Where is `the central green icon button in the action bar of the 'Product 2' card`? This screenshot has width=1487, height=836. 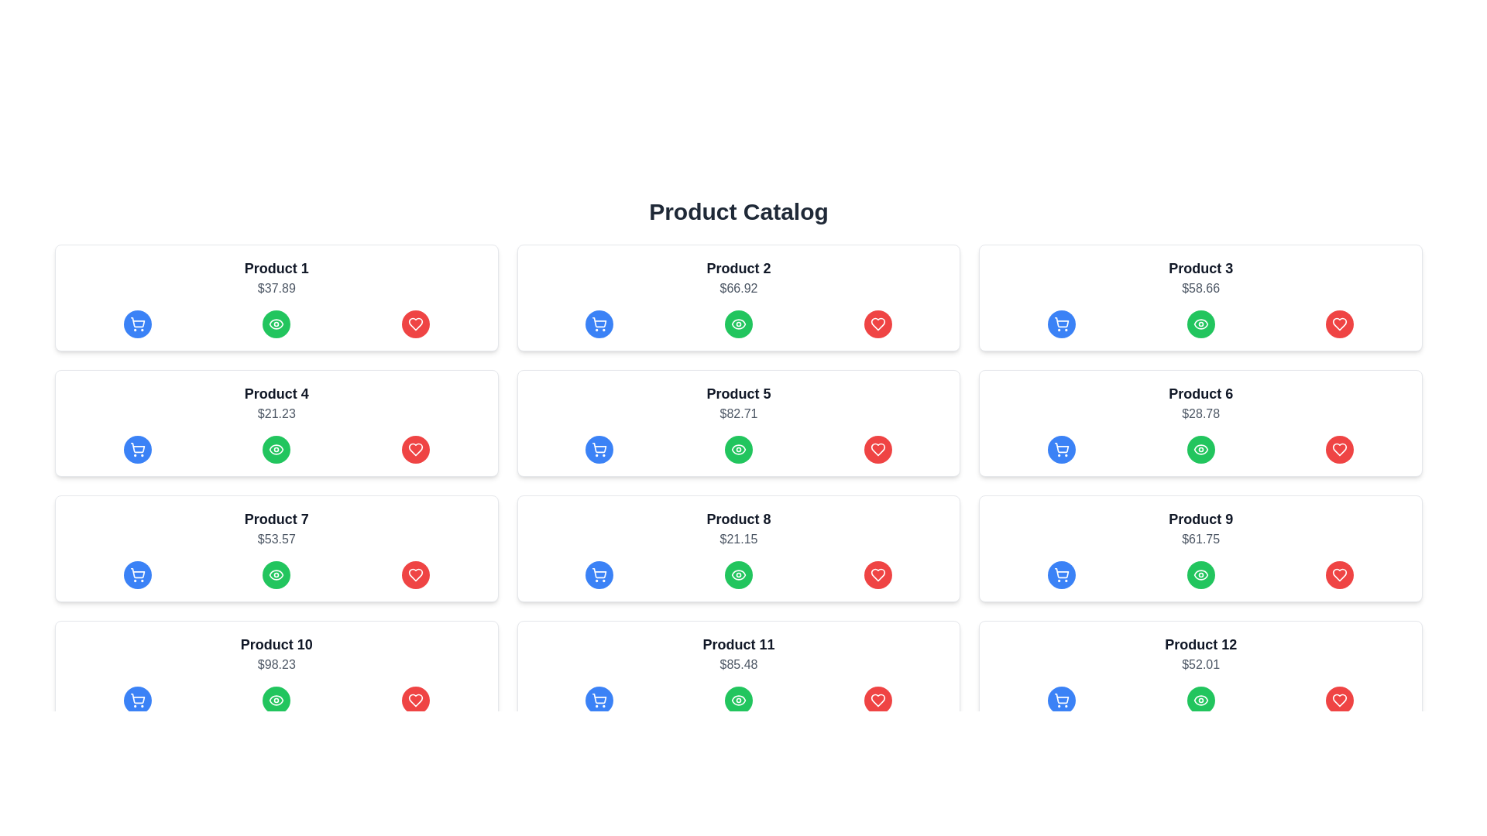
the central green icon button in the action bar of the 'Product 2' card is located at coordinates (738, 324).